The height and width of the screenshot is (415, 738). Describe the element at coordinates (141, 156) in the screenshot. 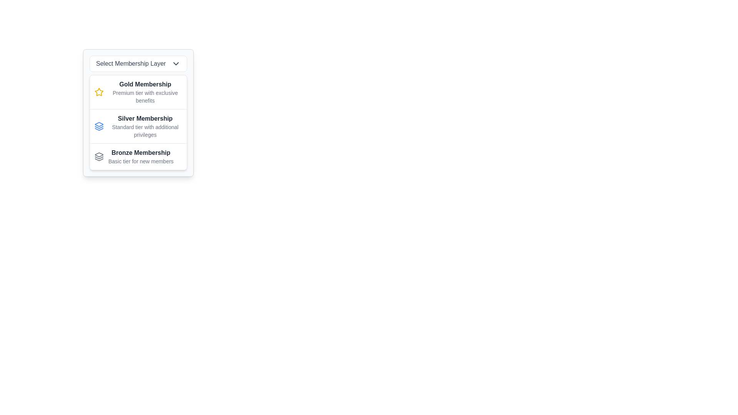

I see `the 'Bronze Membership' text block, which is the last item in the list under 'Select Membership Layer'. This text block features bold, dark gray font for the title and a smaller, lighter gray font for the description` at that location.